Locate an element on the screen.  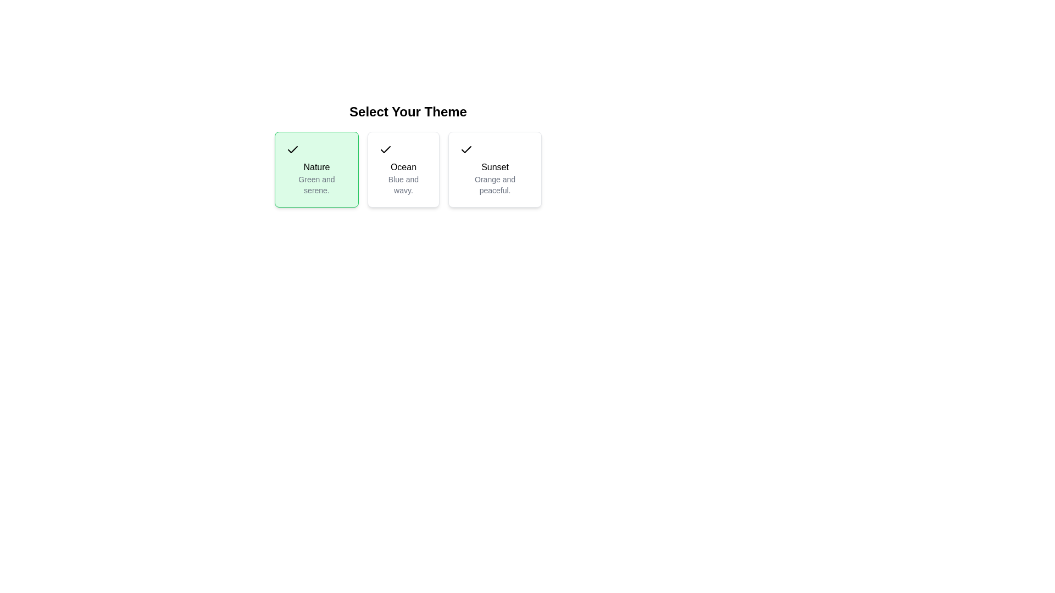
the text element displaying 'Sunset', which is located in the third card of a horizontal row of cards is located at coordinates (495, 167).